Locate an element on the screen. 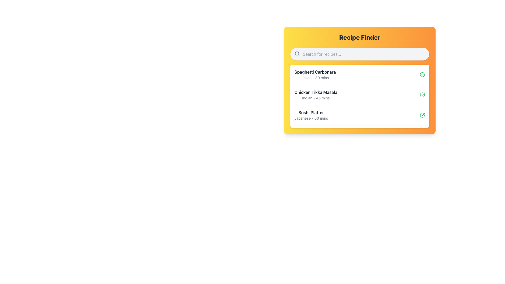  the Text Label that provides additional information about the dish, specifically its cuisine type ('Italian') and preparation time ('30 mins'), located directly underneath the 'Spaghetti Carbonara' label in the 'Recipe Finder' interface is located at coordinates (315, 78).